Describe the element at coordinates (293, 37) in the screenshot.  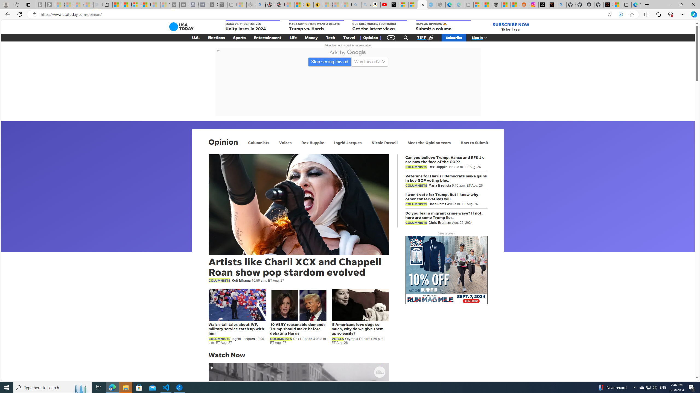
I see `'Life'` at that location.